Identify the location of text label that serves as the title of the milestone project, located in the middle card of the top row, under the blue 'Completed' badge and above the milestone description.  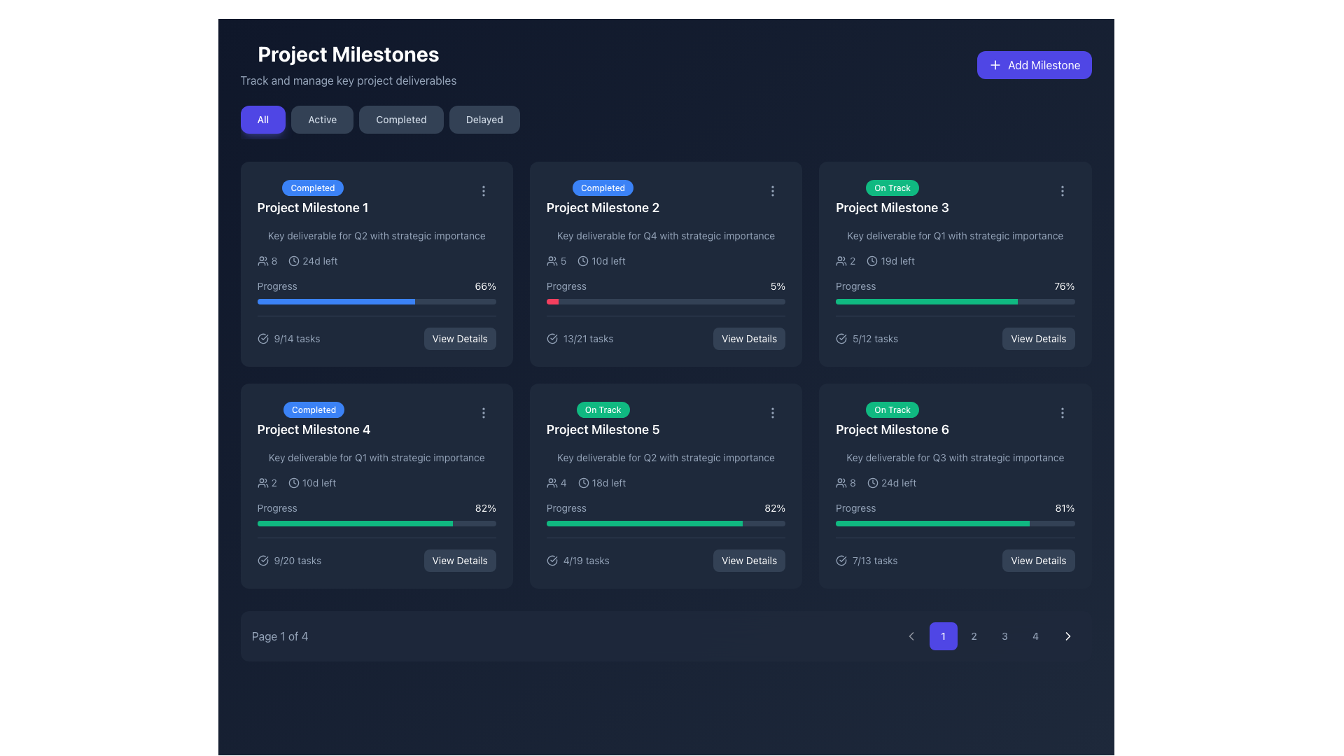
(603, 208).